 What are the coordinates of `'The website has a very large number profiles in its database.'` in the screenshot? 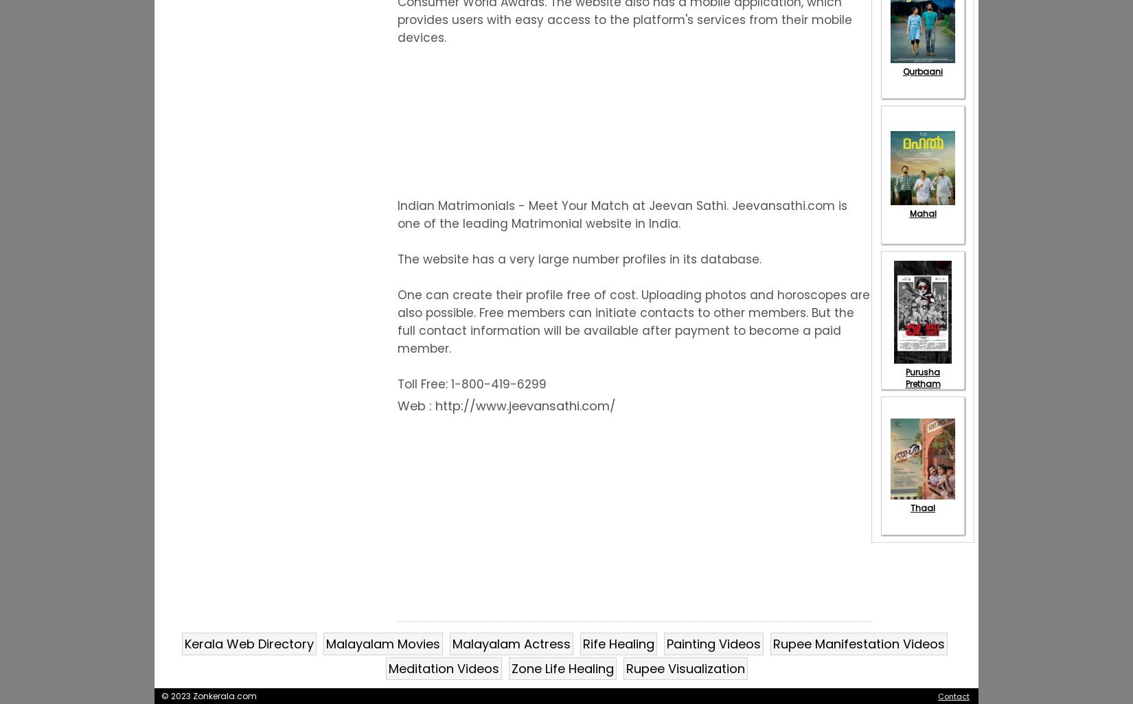 It's located at (579, 258).